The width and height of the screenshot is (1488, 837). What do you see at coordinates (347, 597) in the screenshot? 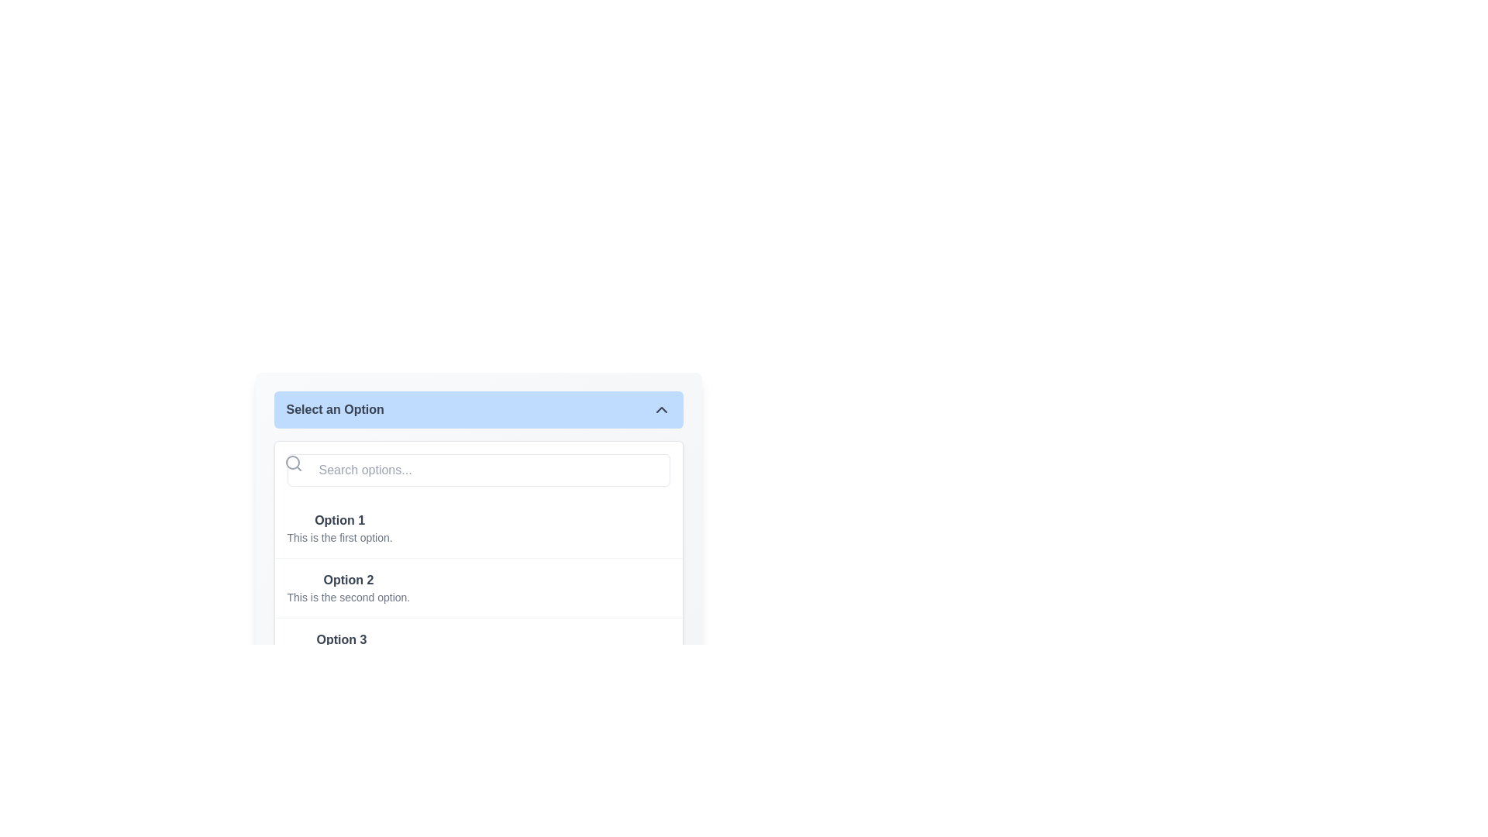
I see `the descriptive text that reads 'This is the second option.' styled in gray, located below the heading 'Option 2' in the dropdown menu` at bounding box center [347, 597].